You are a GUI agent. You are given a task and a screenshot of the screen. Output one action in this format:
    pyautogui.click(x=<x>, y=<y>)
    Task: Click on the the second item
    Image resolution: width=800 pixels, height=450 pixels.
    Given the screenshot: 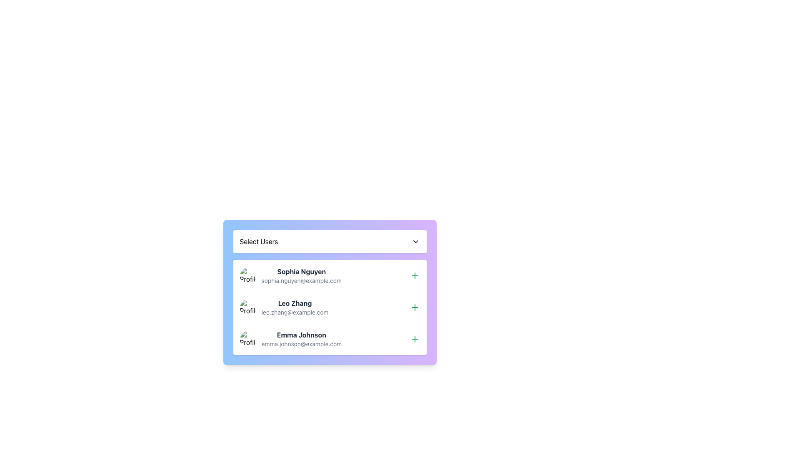 What is the action you would take?
    pyautogui.click(x=284, y=307)
    